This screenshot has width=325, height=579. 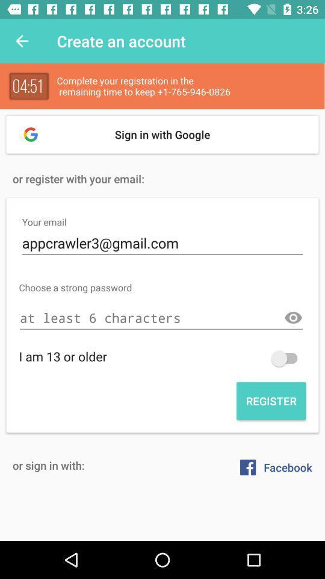 What do you see at coordinates (286, 358) in the screenshot?
I see `switch autoplay option` at bounding box center [286, 358].